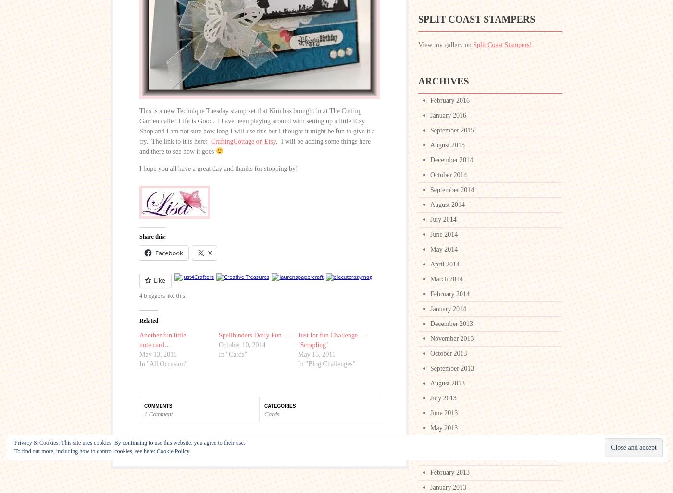 Image resolution: width=673 pixels, height=493 pixels. Describe the element at coordinates (447, 279) in the screenshot. I see `'March 2014'` at that location.